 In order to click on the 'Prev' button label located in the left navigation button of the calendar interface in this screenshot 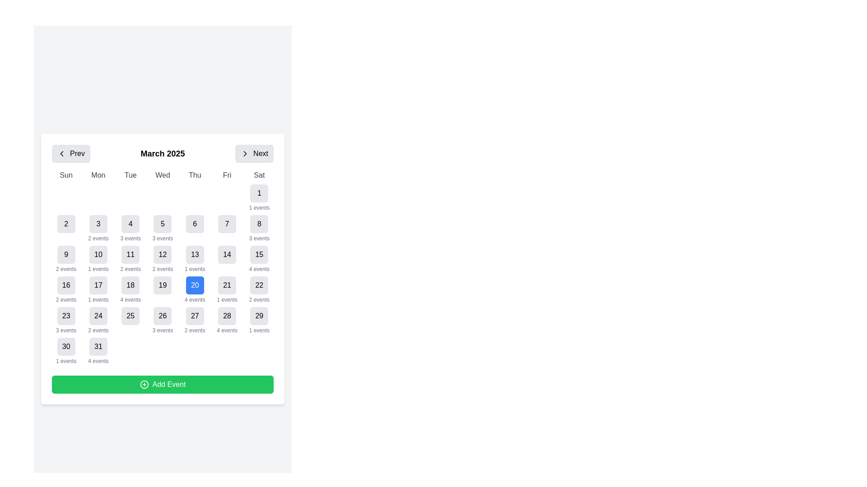, I will do `click(77, 153)`.